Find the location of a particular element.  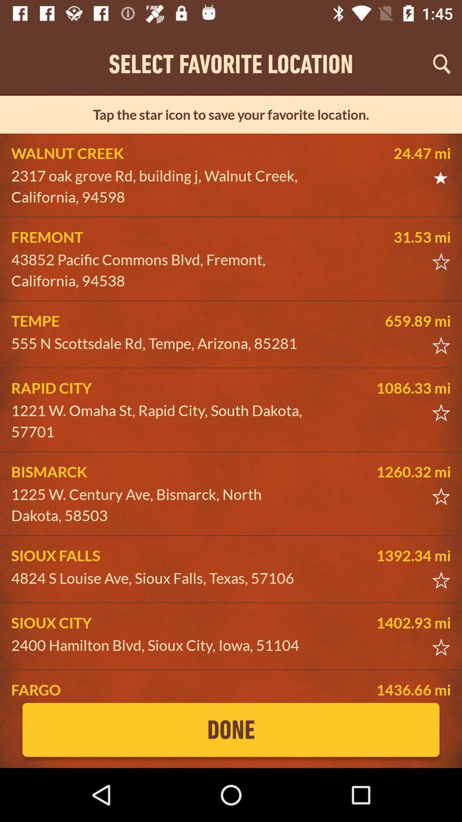

the 1221 w omaha is located at coordinates (161, 421).